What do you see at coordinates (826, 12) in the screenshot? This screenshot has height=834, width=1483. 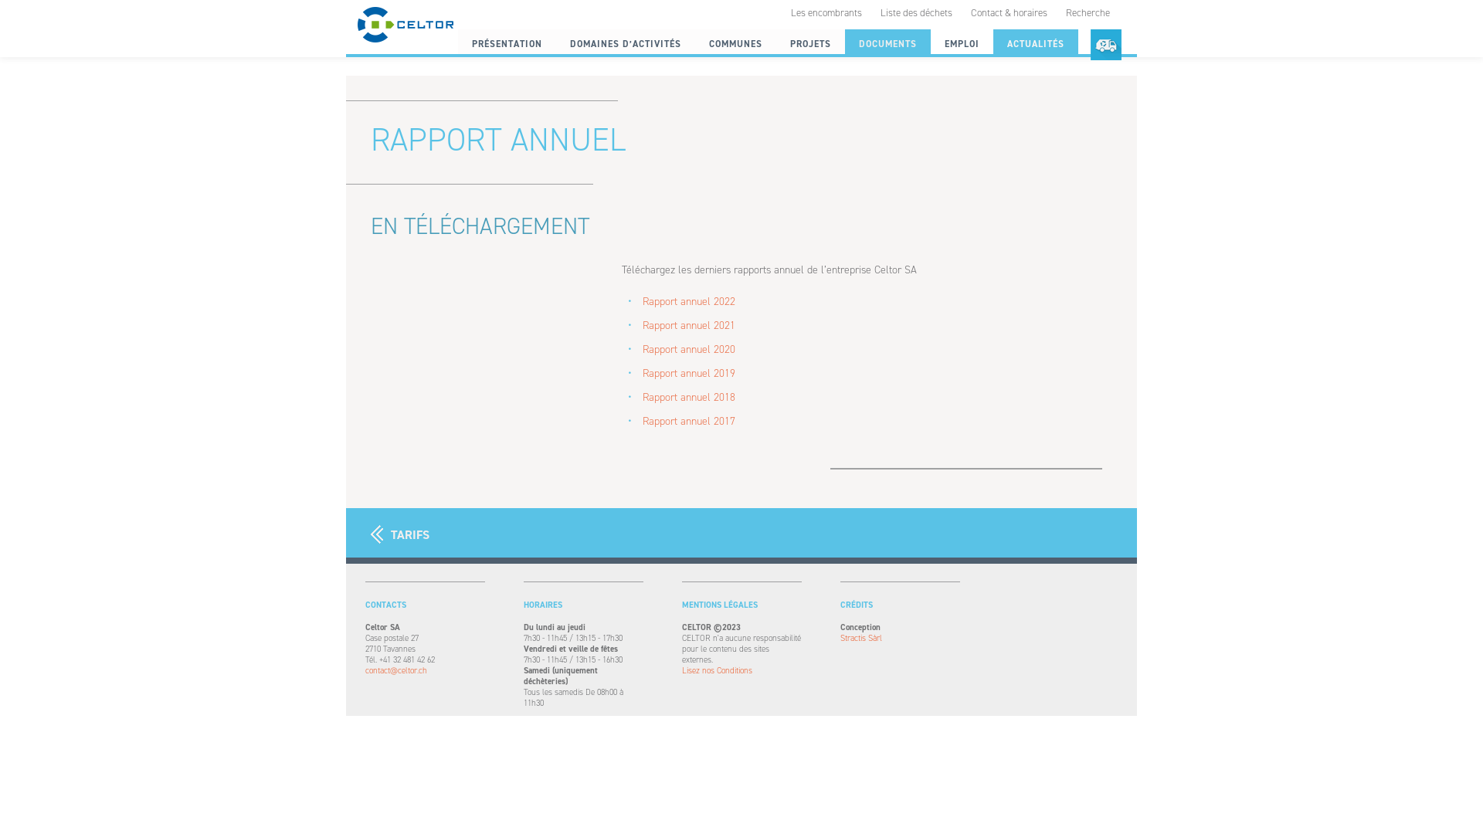 I see `'Les encombrants'` at bounding box center [826, 12].